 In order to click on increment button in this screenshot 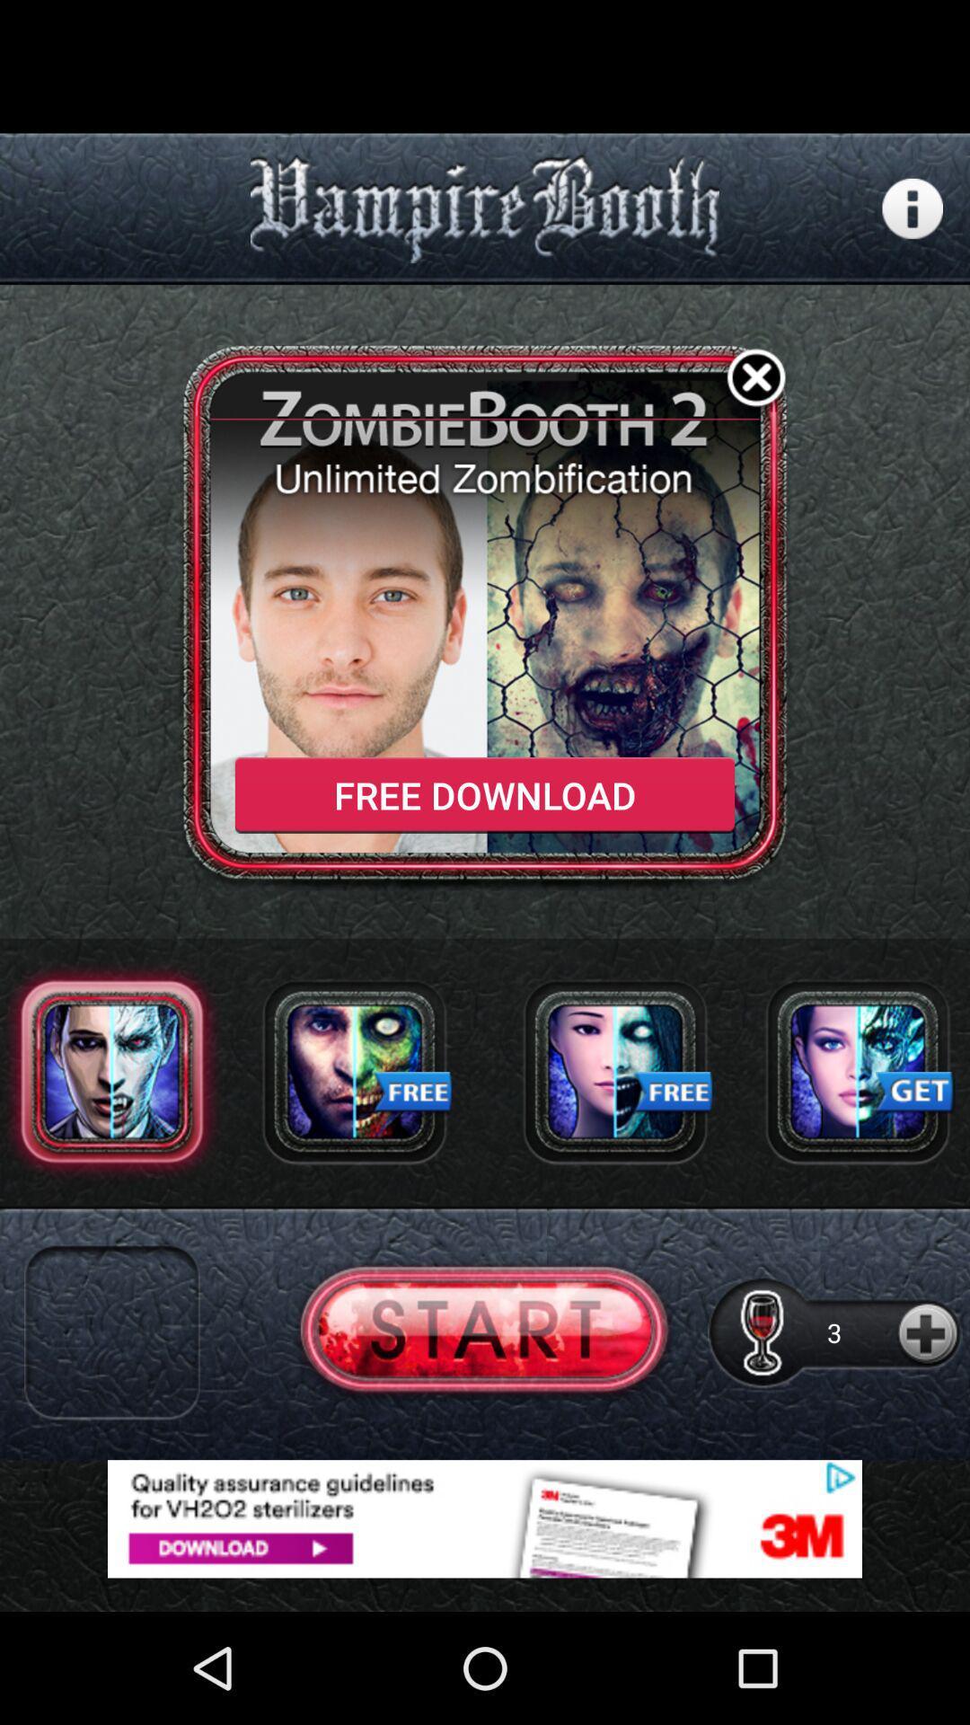, I will do `click(929, 1332)`.